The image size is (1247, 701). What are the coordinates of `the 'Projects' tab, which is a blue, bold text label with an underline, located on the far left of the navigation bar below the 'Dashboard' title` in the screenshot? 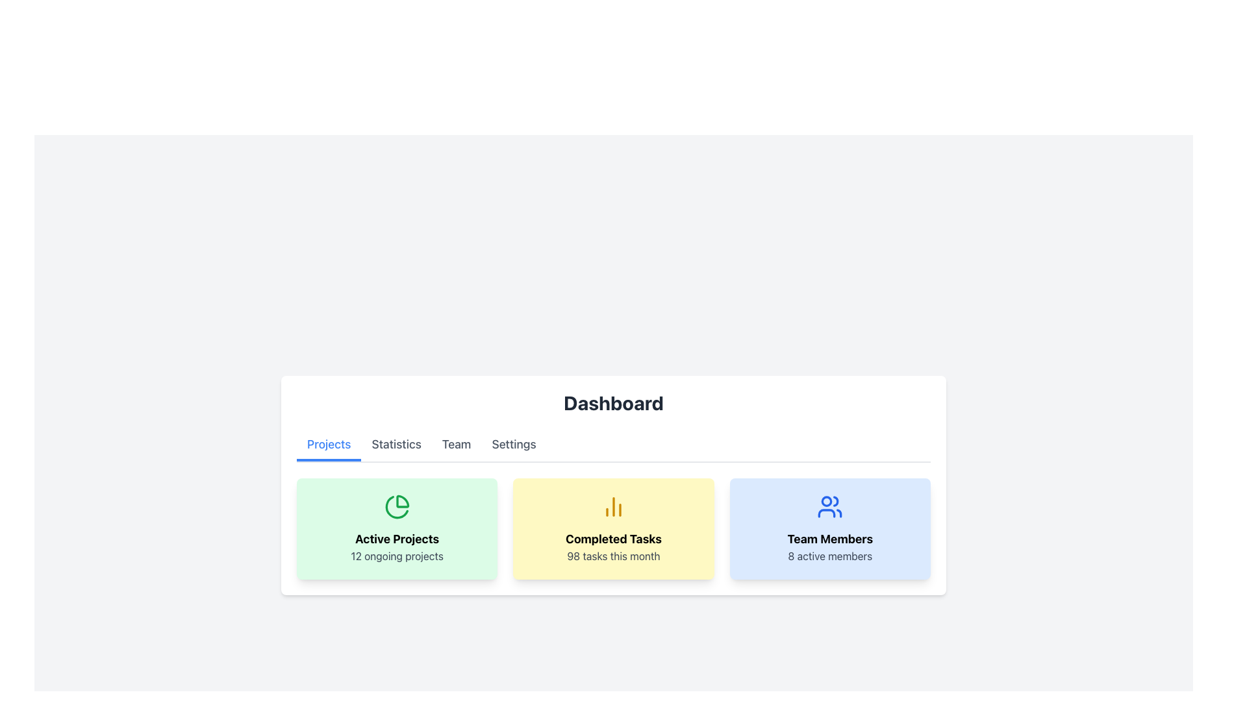 It's located at (329, 445).